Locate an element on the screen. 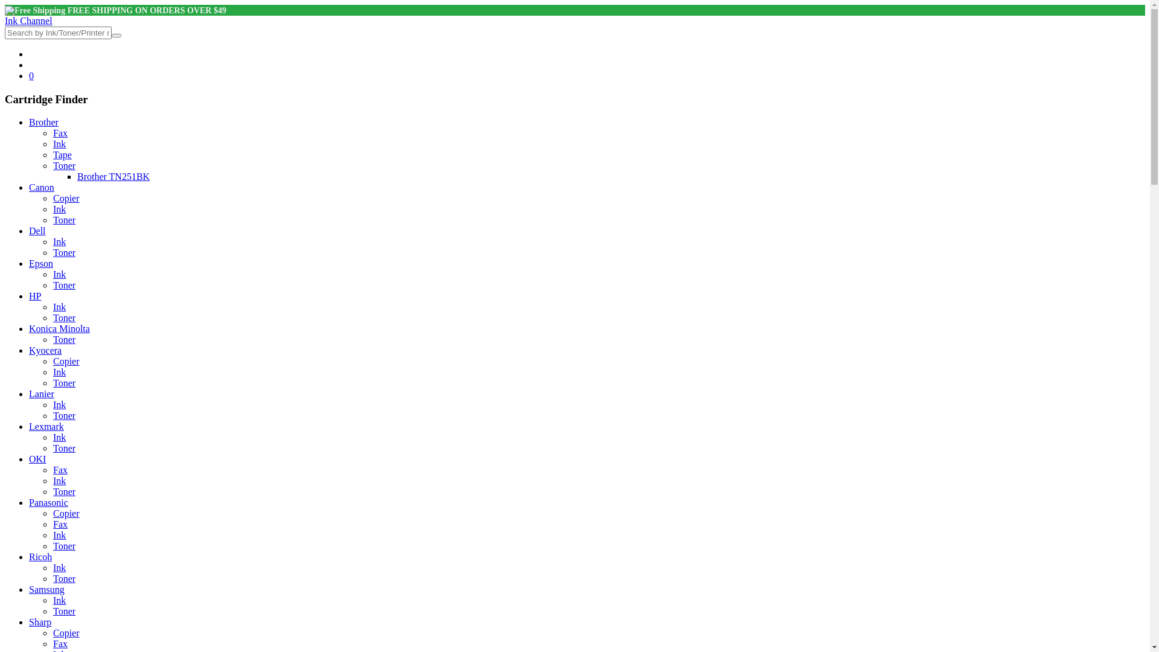 This screenshot has height=652, width=1159. 'Brother' is located at coordinates (43, 122).